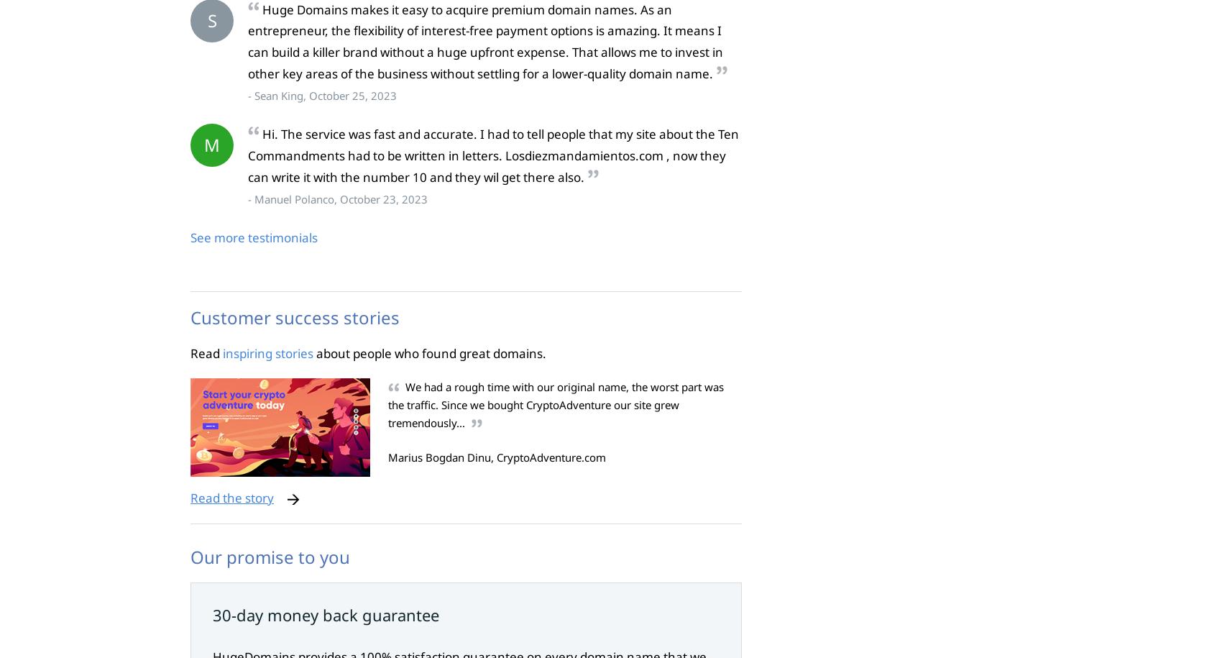 The height and width of the screenshot is (658, 1222). I want to click on 'Our promise to you', so click(270, 555).